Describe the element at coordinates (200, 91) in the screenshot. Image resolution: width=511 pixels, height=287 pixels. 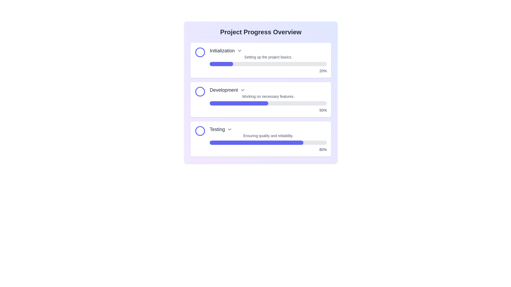
I see `the graphical marker icon located to the left of the 'Development' text in the 'Development' section, indicating current section focus or status` at that location.